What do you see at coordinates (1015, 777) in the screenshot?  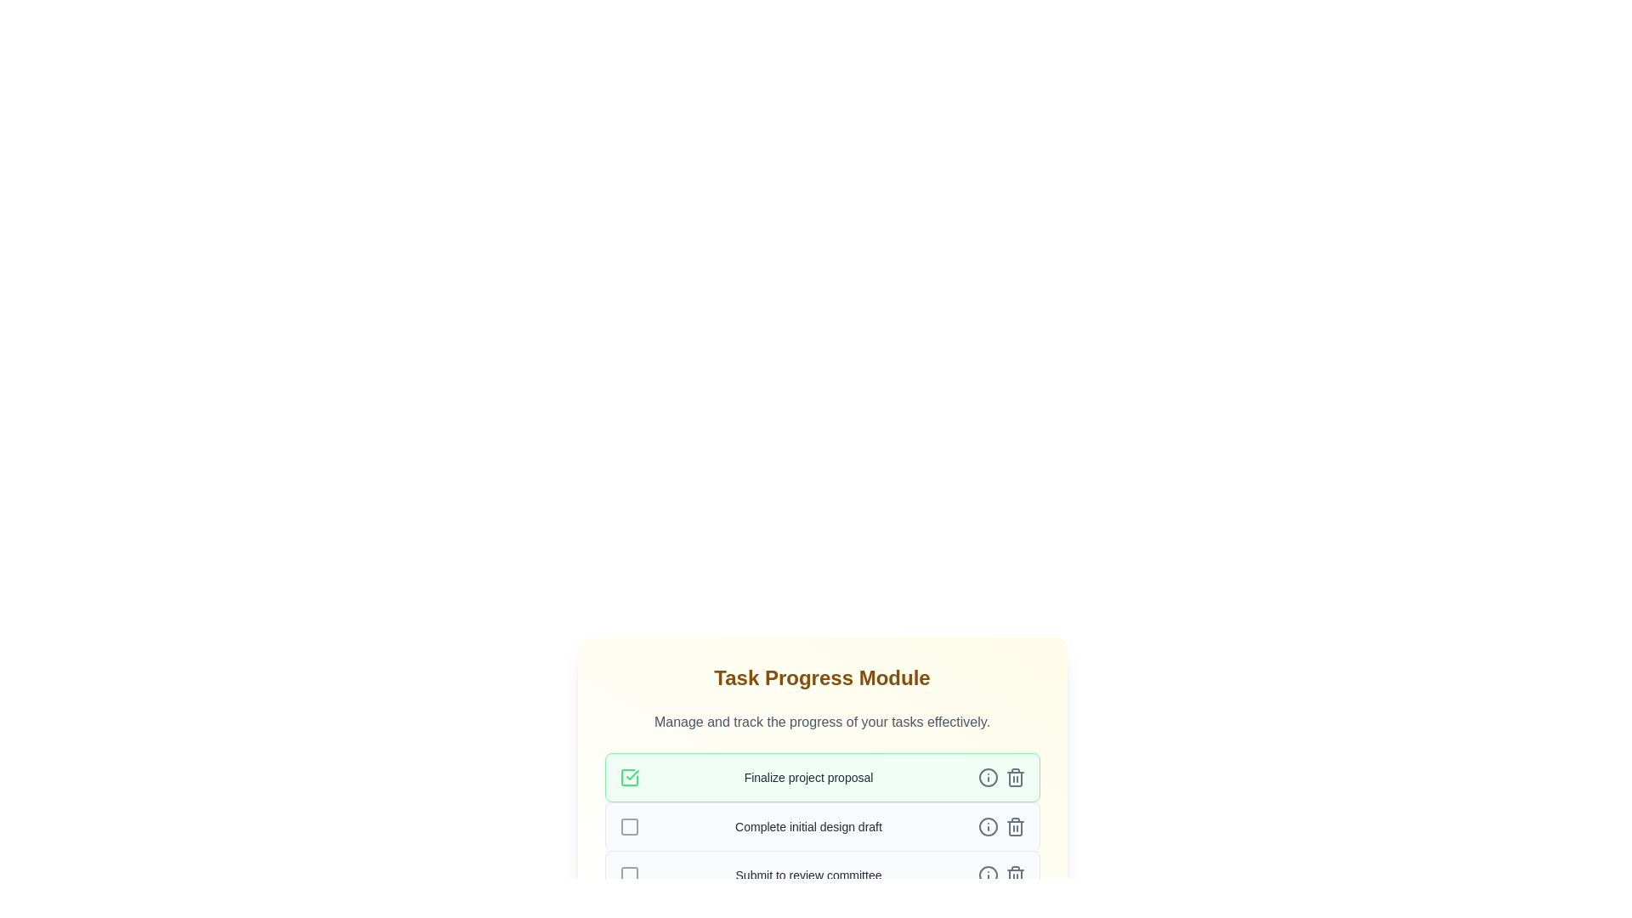 I see `the trash icon` at bounding box center [1015, 777].